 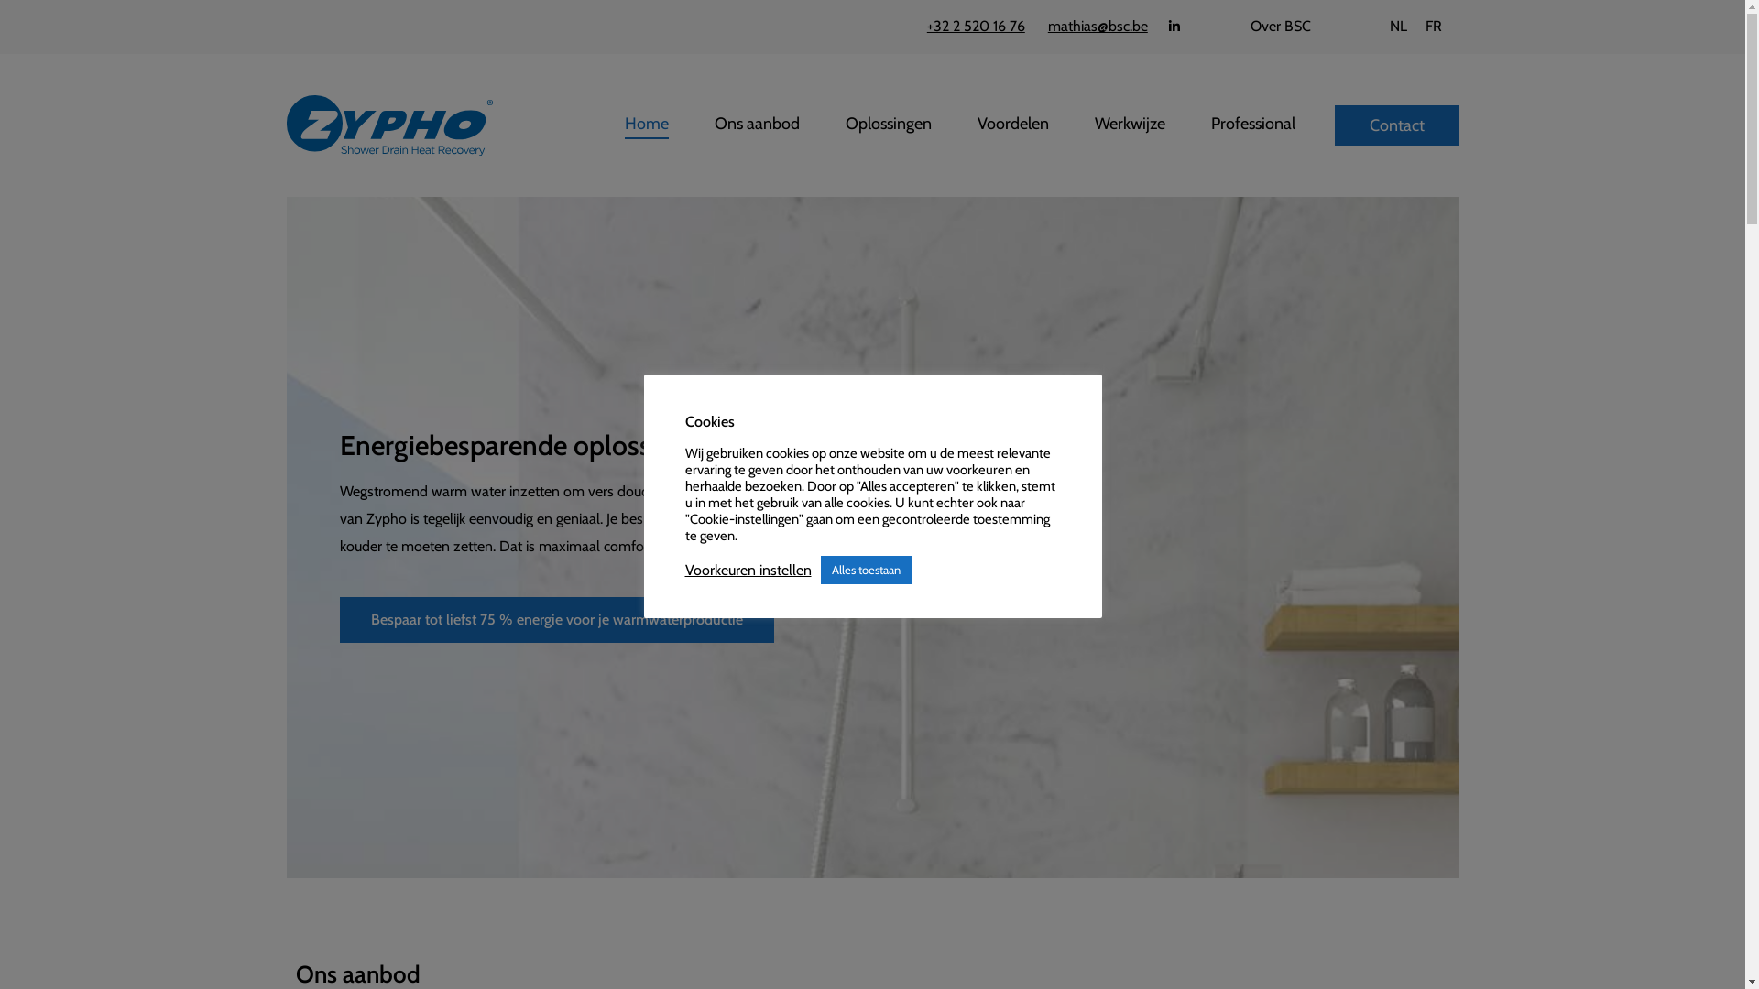 I want to click on 'Voordelen', so click(x=1011, y=124).